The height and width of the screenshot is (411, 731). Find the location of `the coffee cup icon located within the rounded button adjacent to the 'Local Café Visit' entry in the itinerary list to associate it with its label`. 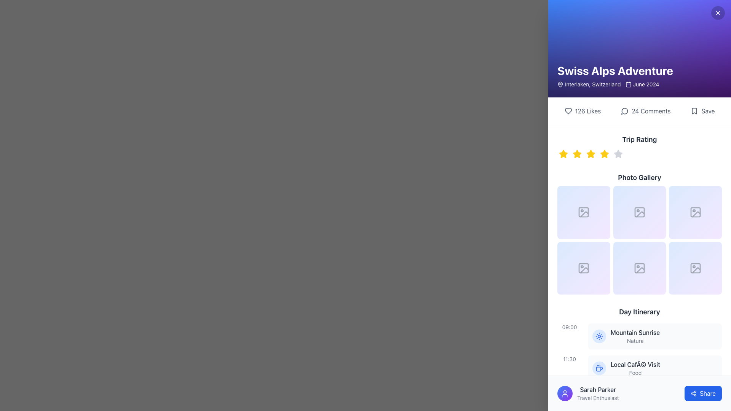

the coffee cup icon located within the rounded button adjacent to the 'Local Café Visit' entry in the itinerary list to associate it with its label is located at coordinates (599, 368).